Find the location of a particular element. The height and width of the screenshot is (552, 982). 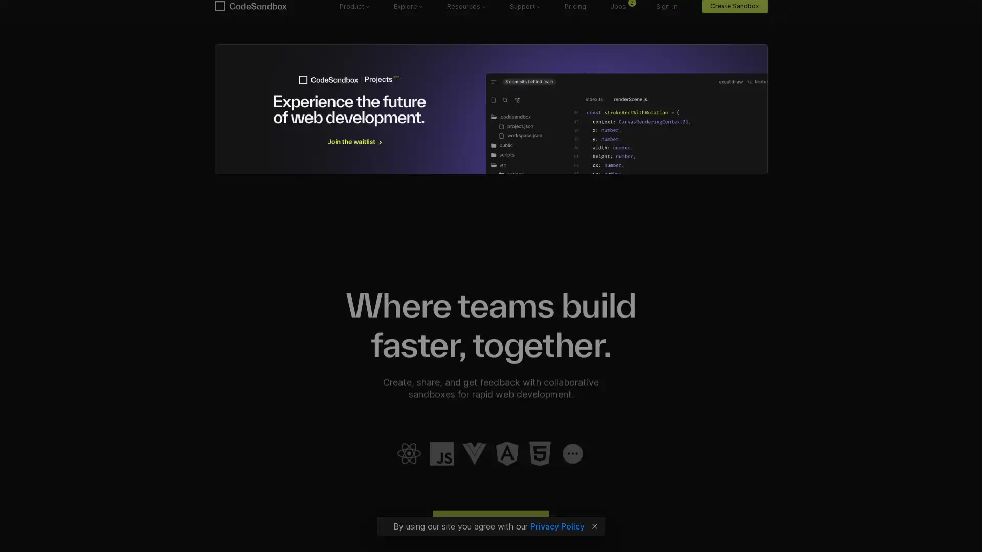

Explore is located at coordinates (407, 12).